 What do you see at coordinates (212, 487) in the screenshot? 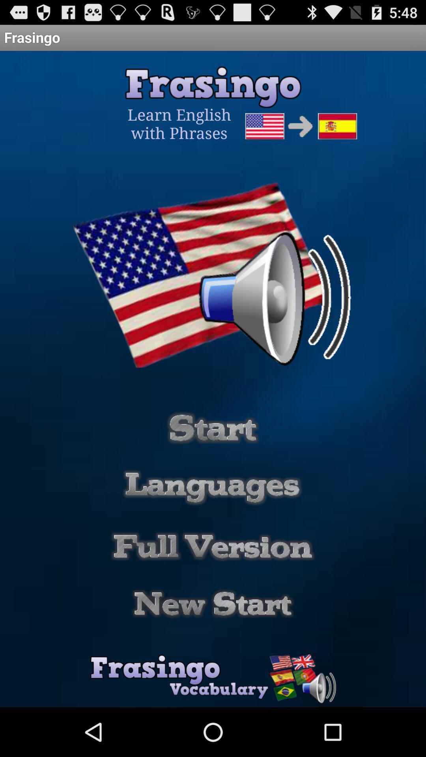
I see `open menu options` at bounding box center [212, 487].